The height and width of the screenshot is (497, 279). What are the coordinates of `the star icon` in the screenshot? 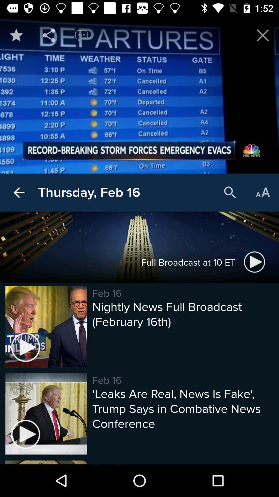 It's located at (16, 35).